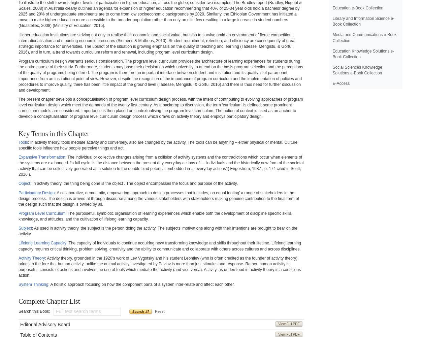  I want to click on ': A collaborative, democratic, empowering approach to design processes that includes, on equal footing’ a range of stakeholders in the design process. The design is arrived at through discourse among the various stakeholders with stakeholders making genuine contribution to the final form of the design such that the design is owned by all.', so click(19, 198).